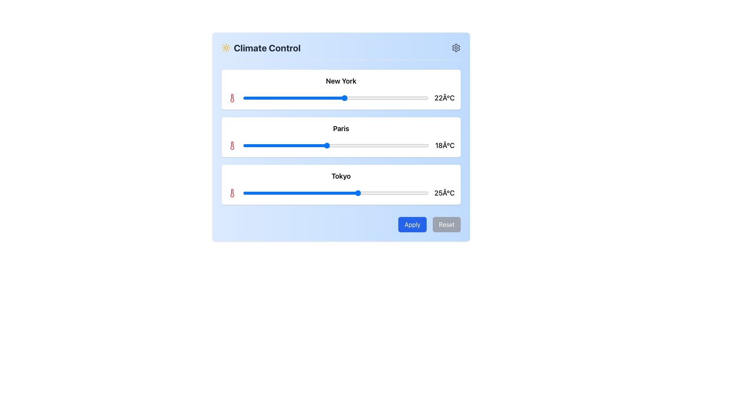  Describe the element at coordinates (363, 146) in the screenshot. I see `the temperature for Paris` at that location.